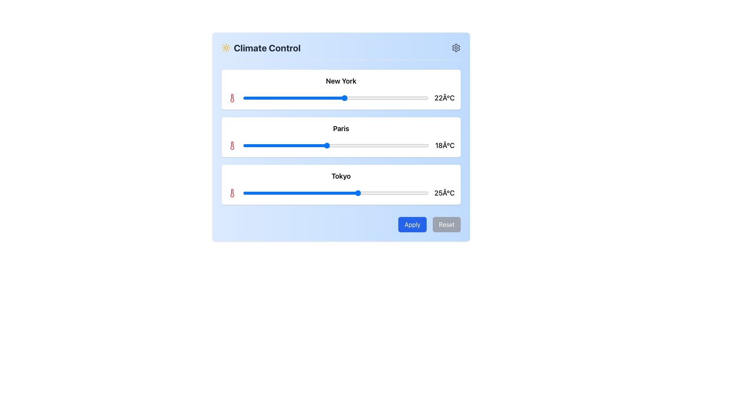  Describe the element at coordinates (363, 146) in the screenshot. I see `the temperature for Paris` at that location.